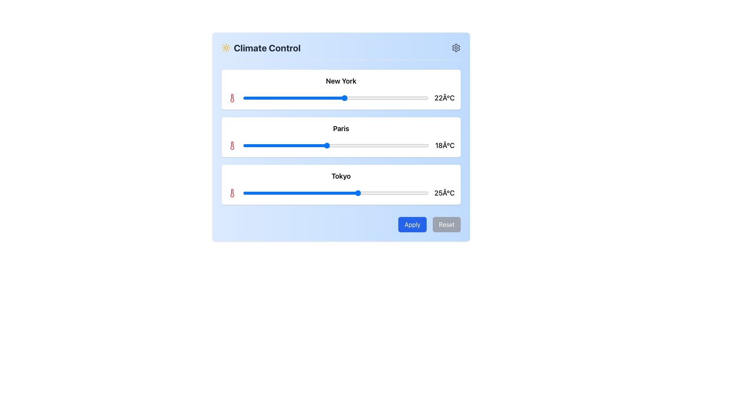  Describe the element at coordinates (363, 146) in the screenshot. I see `the temperature for Paris` at that location.